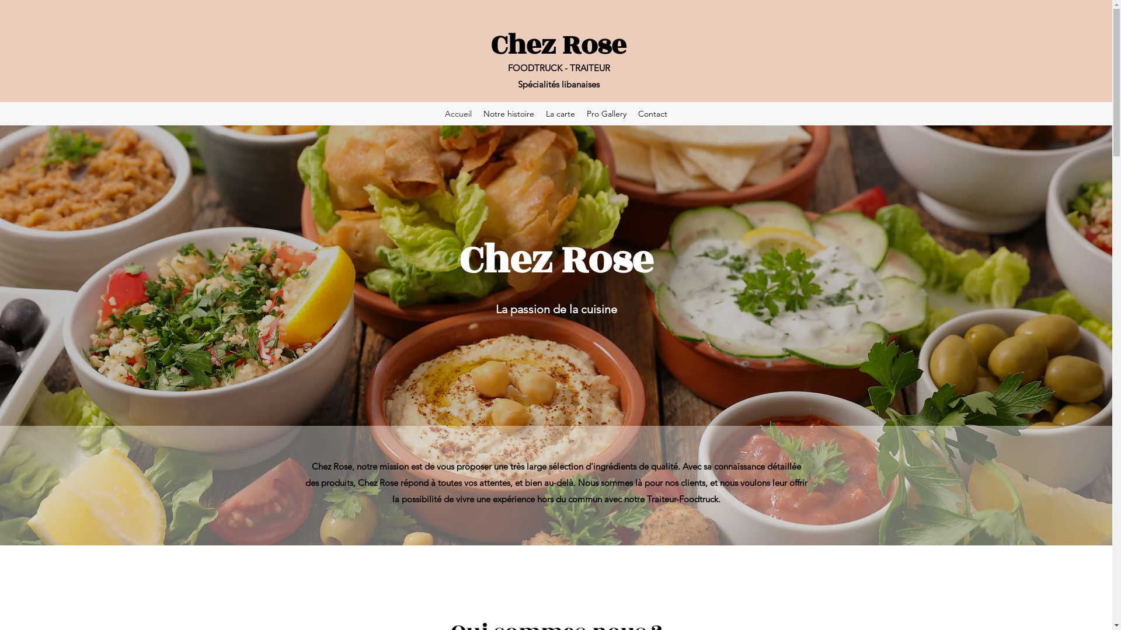  What do you see at coordinates (606, 114) in the screenshot?
I see `'Pro Gallery'` at bounding box center [606, 114].